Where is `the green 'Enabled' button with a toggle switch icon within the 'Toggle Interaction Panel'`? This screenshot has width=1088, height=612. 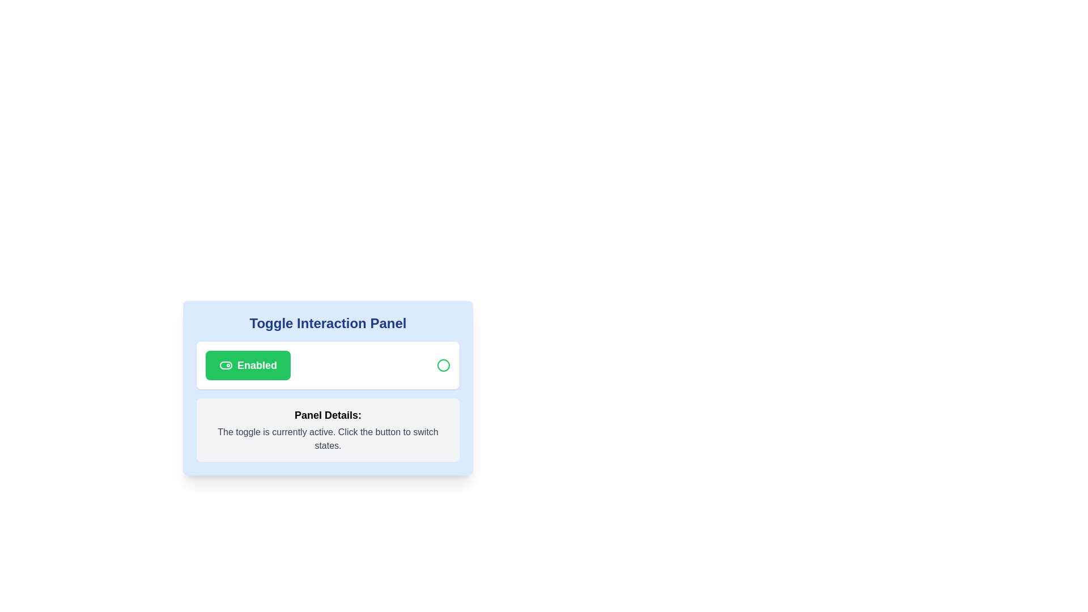 the green 'Enabled' button with a toggle switch icon within the 'Toggle Interaction Panel' is located at coordinates (247, 365).